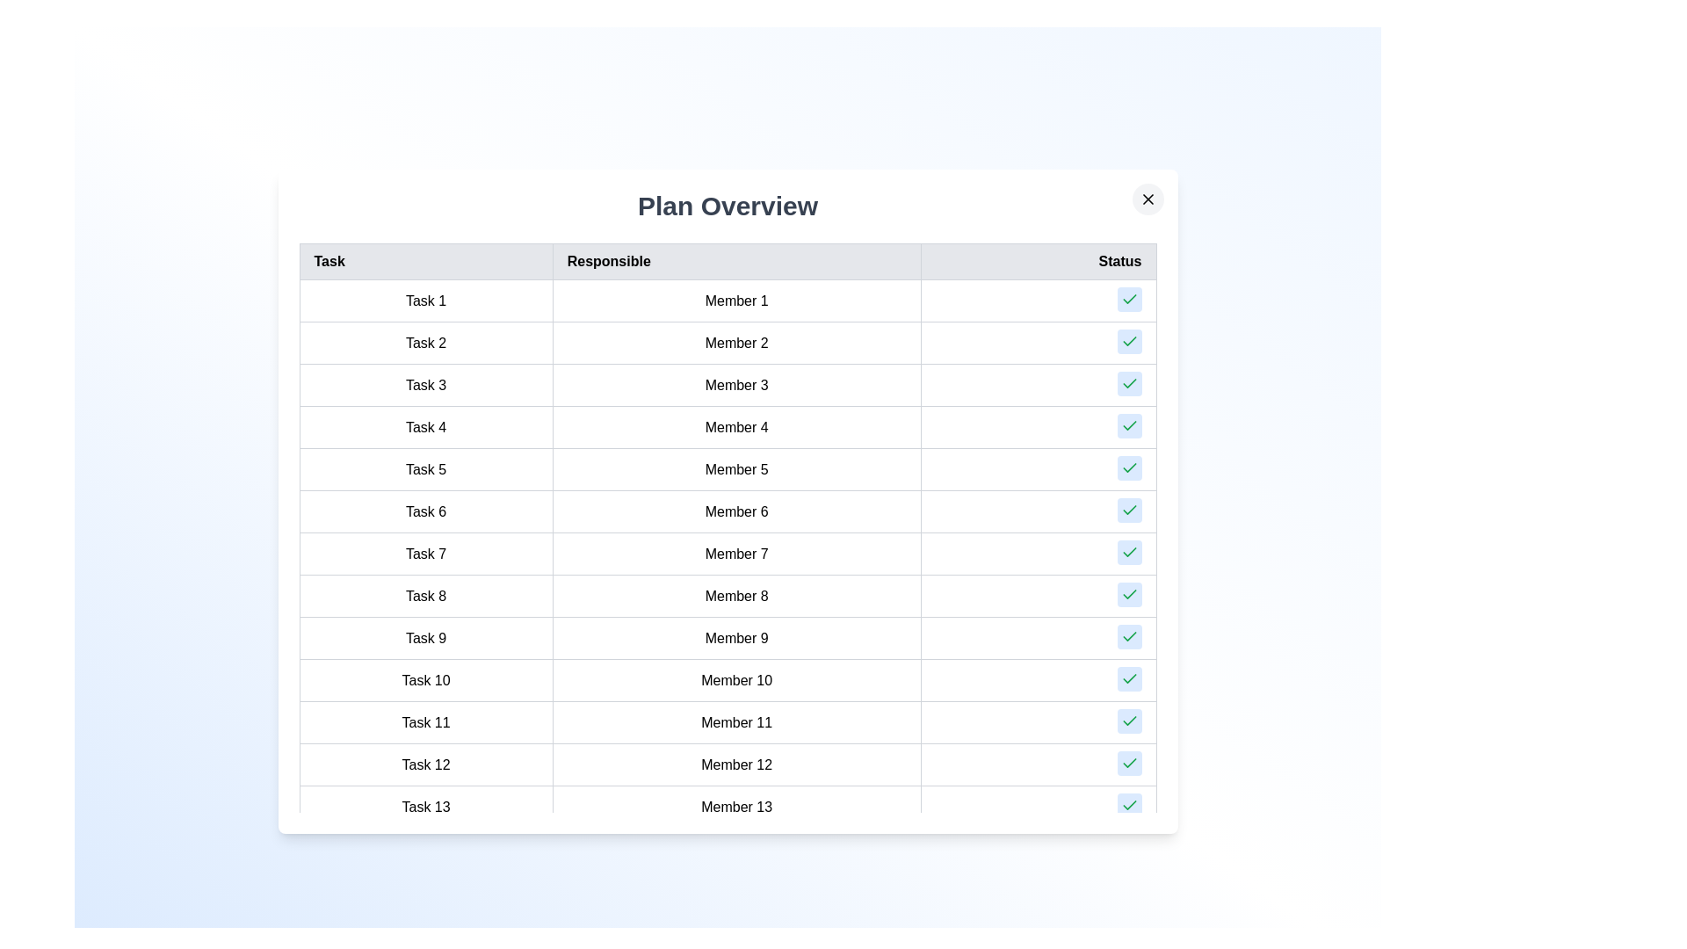  What do you see at coordinates (1129, 298) in the screenshot?
I see `the 'Check' button for task 1 to mark it as completed` at bounding box center [1129, 298].